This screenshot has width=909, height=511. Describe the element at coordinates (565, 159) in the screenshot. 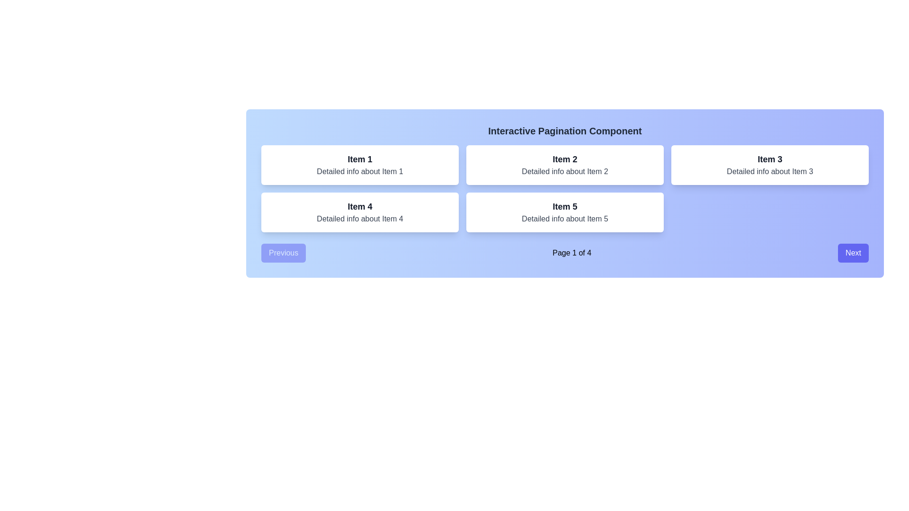

I see `the bold text 'Item 2' within the white card in the grid layout, located in the first row and second column` at that location.